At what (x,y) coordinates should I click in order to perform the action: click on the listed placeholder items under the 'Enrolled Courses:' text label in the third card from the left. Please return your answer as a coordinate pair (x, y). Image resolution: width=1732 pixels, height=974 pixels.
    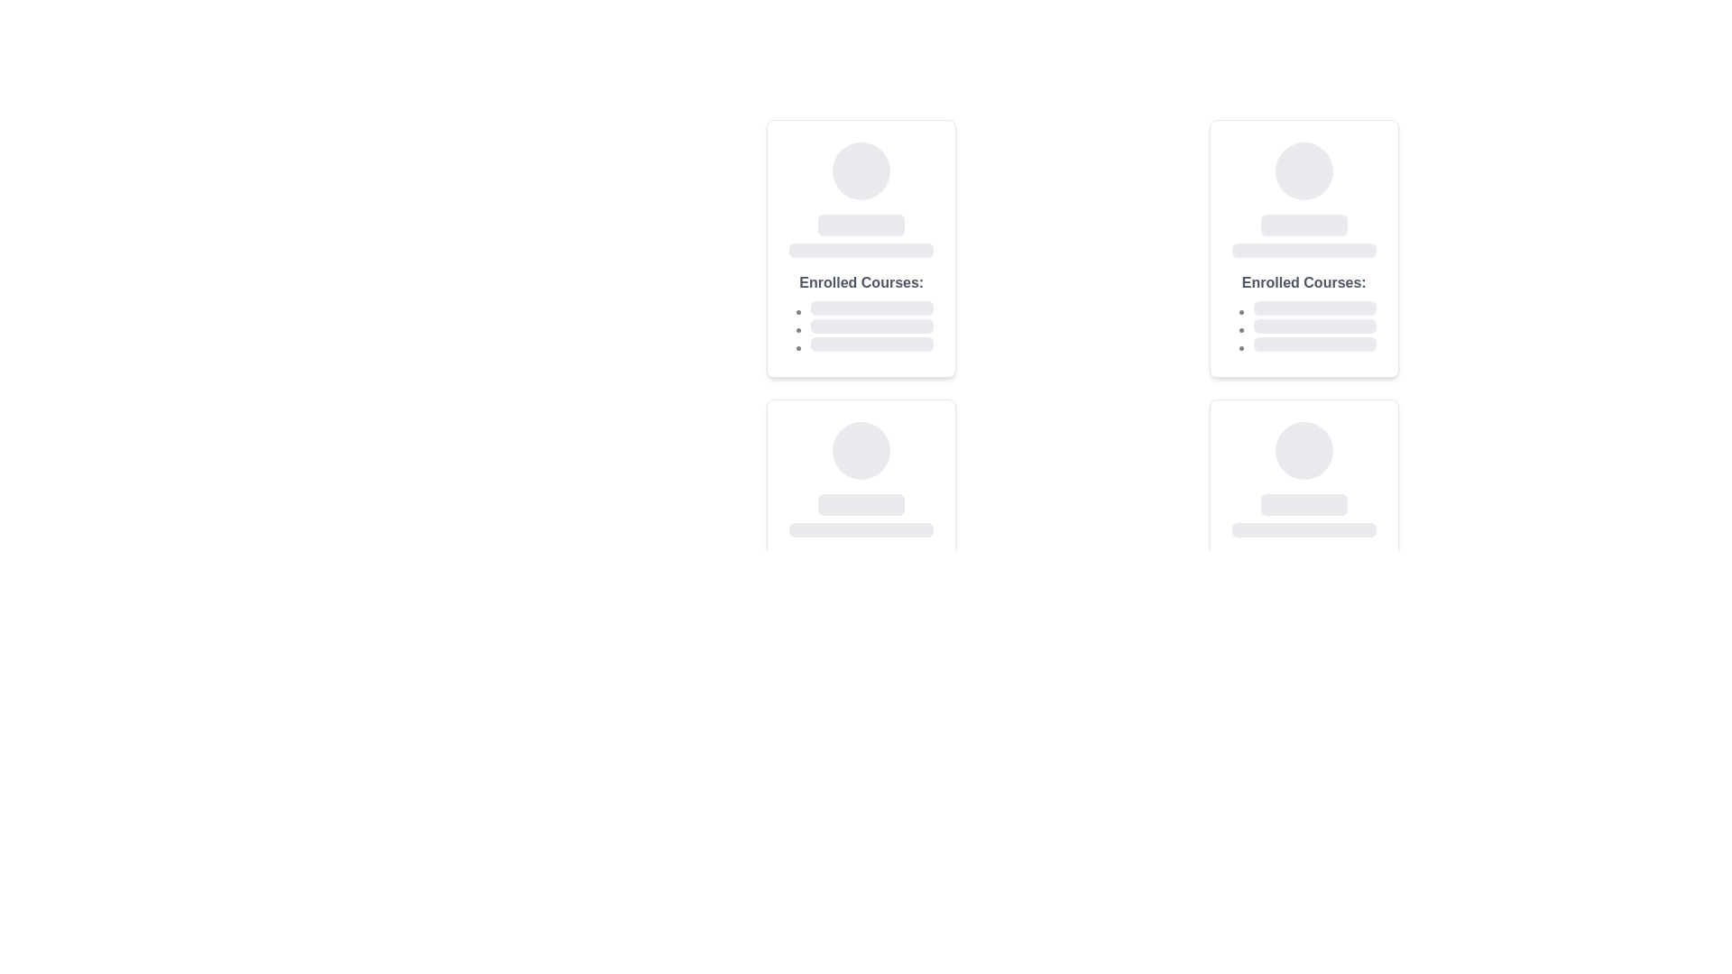
    Looking at the image, I should click on (1304, 311).